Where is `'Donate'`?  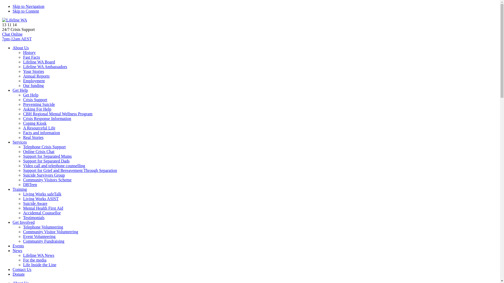 'Donate' is located at coordinates (19, 274).